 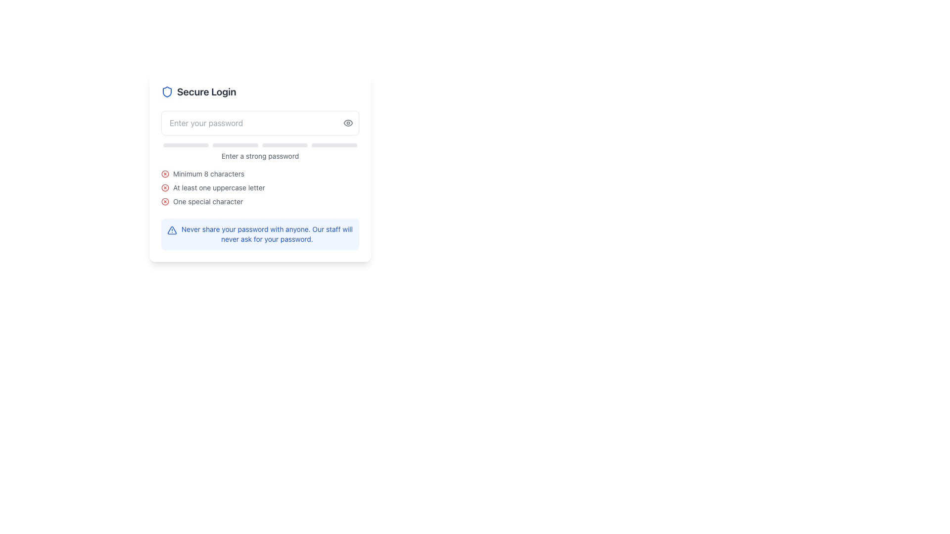 What do you see at coordinates (260, 152) in the screenshot?
I see `the instructional text label that provides guidance on creating a secure password, located between the password input field and the bullet-point list of requirements` at bounding box center [260, 152].